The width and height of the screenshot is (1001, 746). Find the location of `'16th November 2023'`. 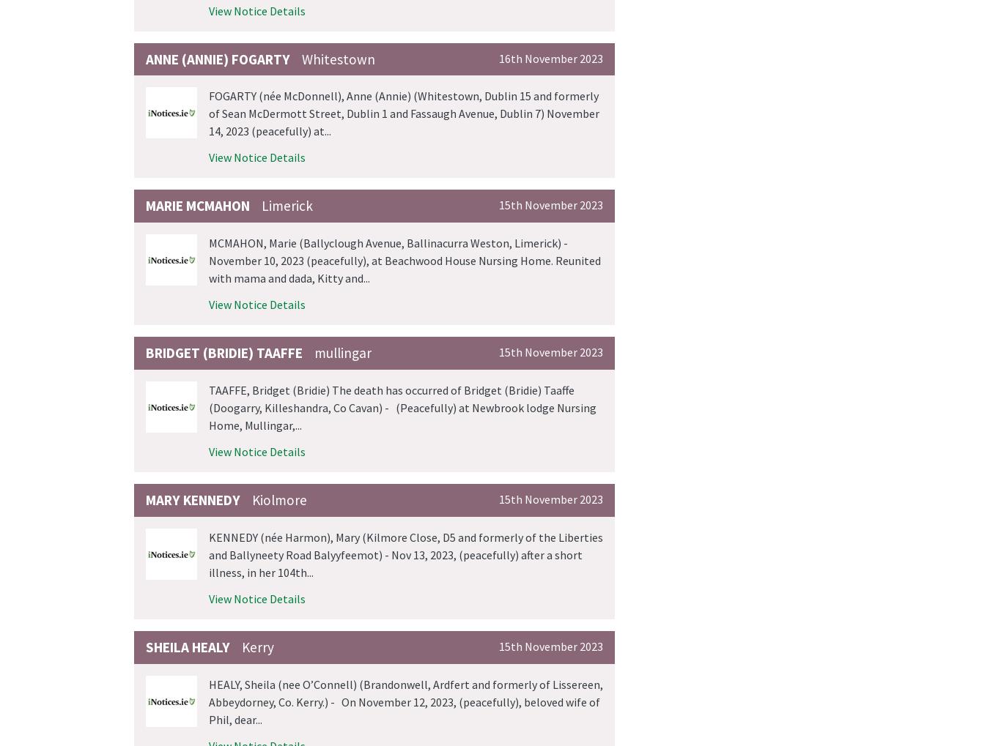

'16th November 2023' is located at coordinates (550, 57).